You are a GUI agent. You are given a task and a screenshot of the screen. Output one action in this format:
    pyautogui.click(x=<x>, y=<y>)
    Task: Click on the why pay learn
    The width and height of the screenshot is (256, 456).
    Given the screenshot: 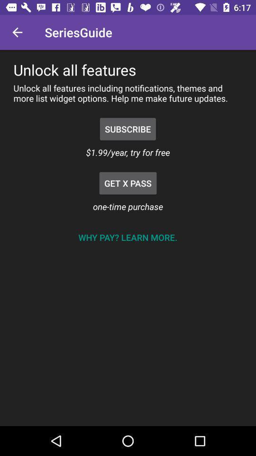 What is the action you would take?
    pyautogui.click(x=128, y=237)
    